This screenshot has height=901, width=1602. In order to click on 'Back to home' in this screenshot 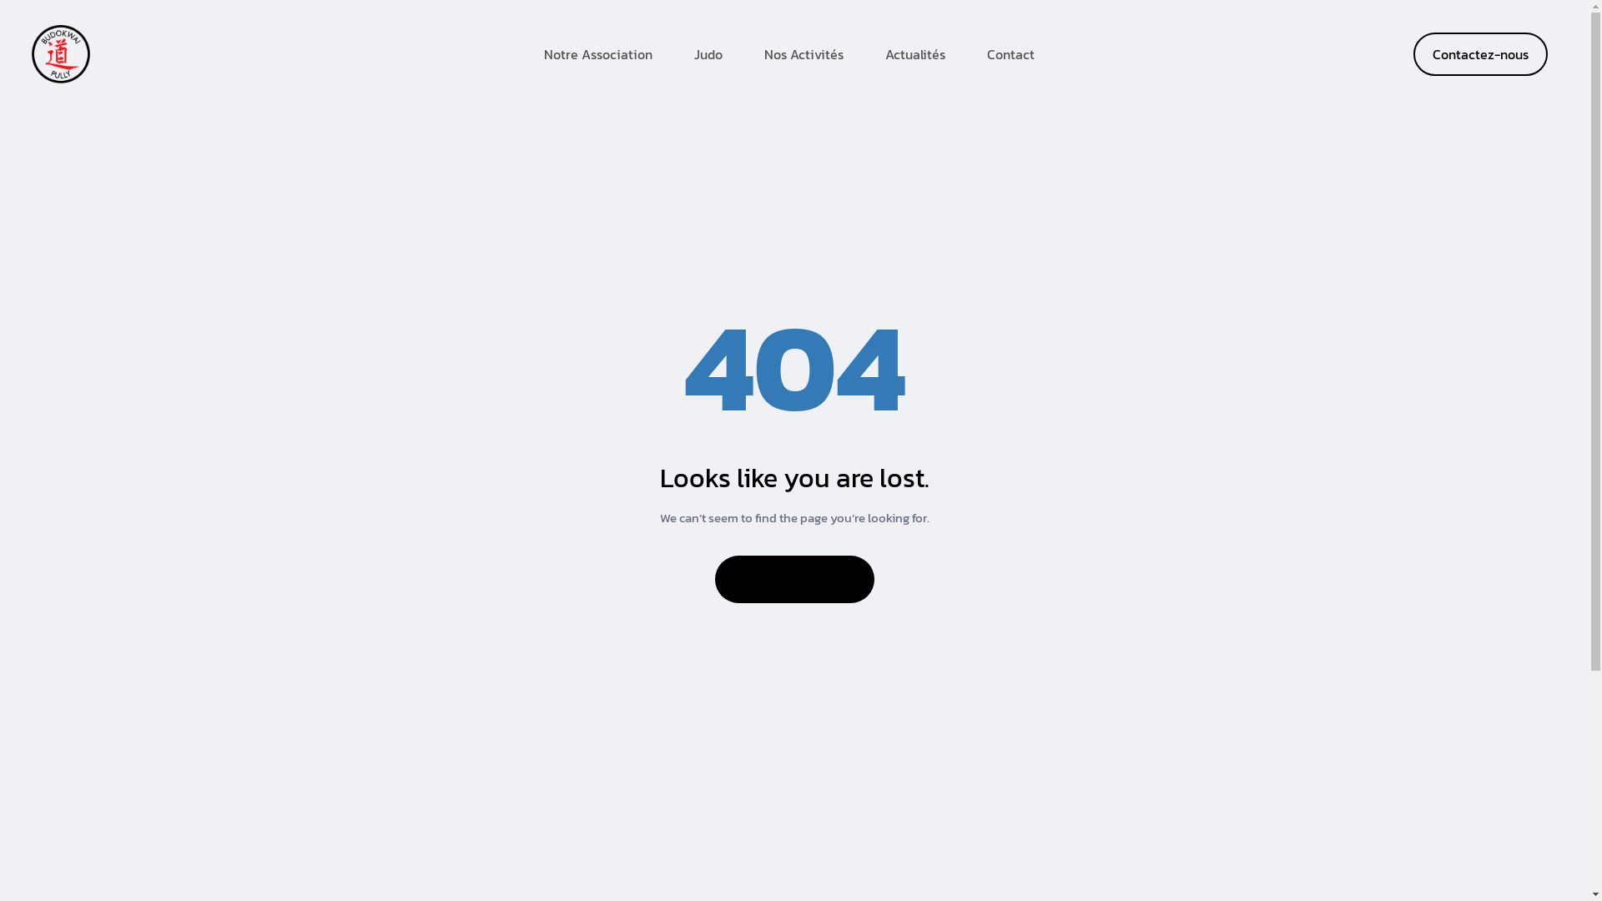, I will do `click(793, 578)`.